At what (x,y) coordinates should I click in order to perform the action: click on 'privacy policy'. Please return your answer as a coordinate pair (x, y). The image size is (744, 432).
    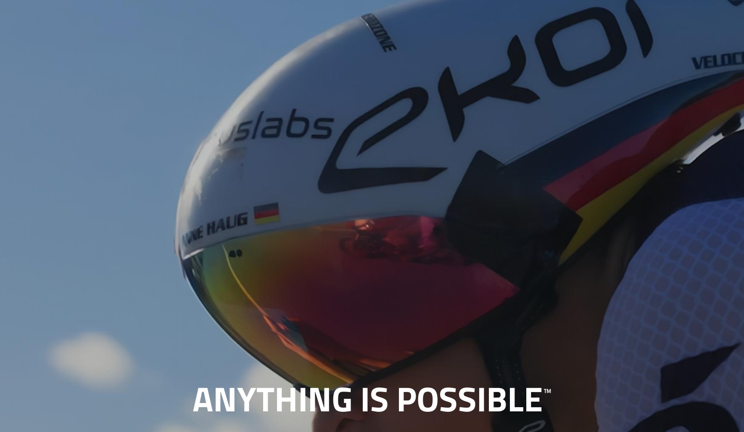
    Looking at the image, I should click on (405, 252).